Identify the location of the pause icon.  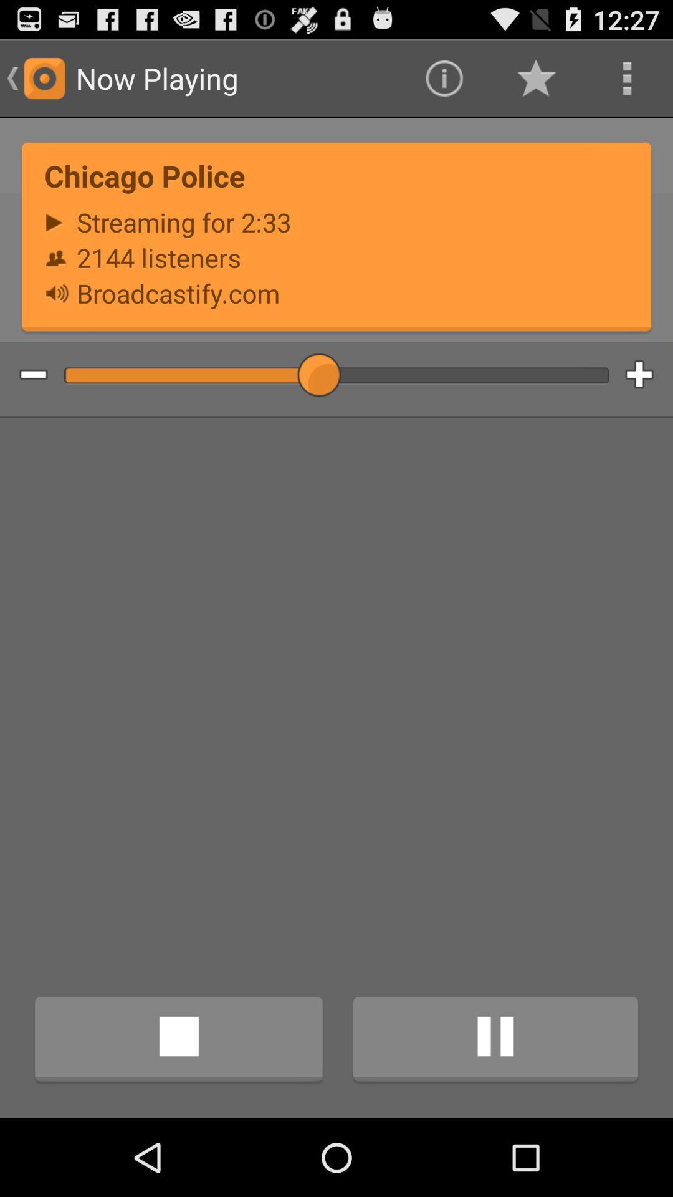
(495, 1114).